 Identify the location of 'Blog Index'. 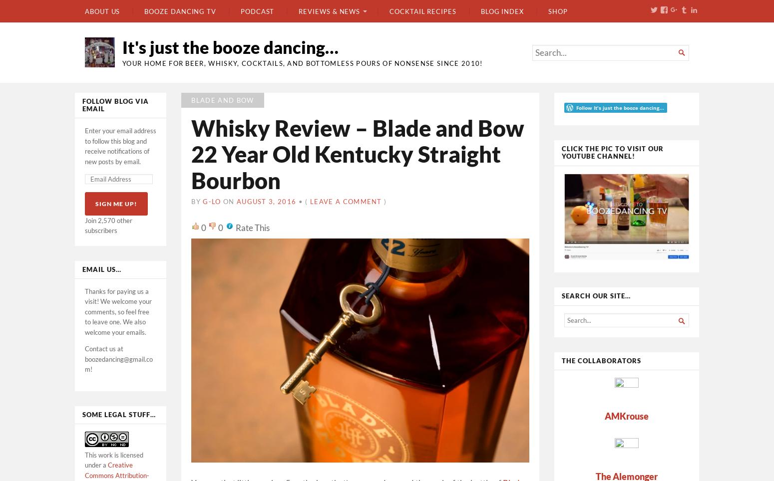
(501, 10).